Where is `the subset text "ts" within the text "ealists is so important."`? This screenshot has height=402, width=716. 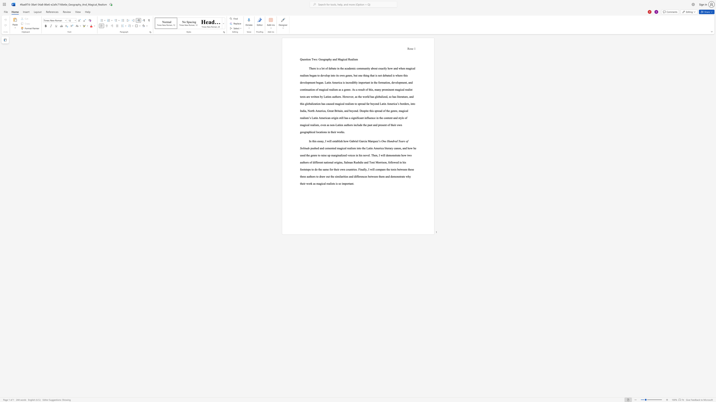
the subset text "ts" within the text "ealists is so important." is located at coordinates (333, 183).